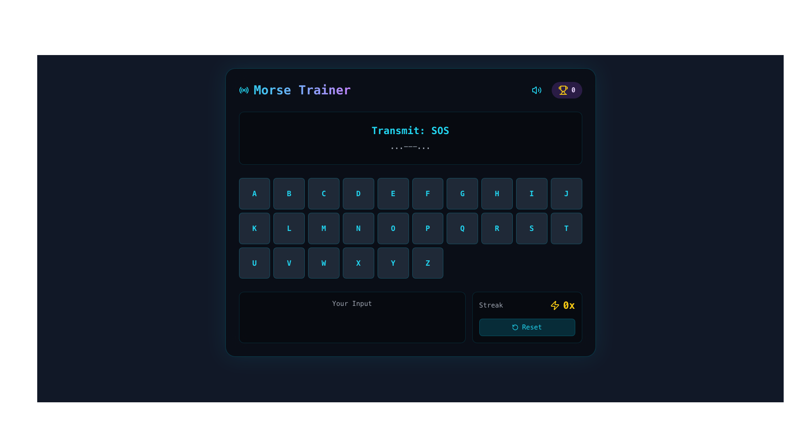 This screenshot has height=447, width=794. What do you see at coordinates (289, 263) in the screenshot?
I see `the button representing the letter 'V' located in the third row and second column of the alphabet keyboard interface` at bounding box center [289, 263].